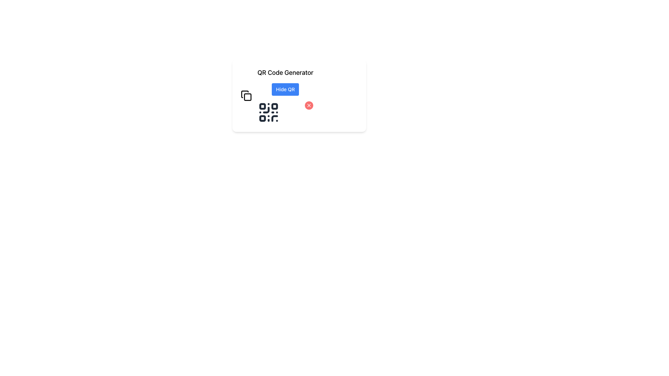 The image size is (669, 376). What do you see at coordinates (285, 89) in the screenshot?
I see `the button located slightly below the 'QR Code Generator' text` at bounding box center [285, 89].